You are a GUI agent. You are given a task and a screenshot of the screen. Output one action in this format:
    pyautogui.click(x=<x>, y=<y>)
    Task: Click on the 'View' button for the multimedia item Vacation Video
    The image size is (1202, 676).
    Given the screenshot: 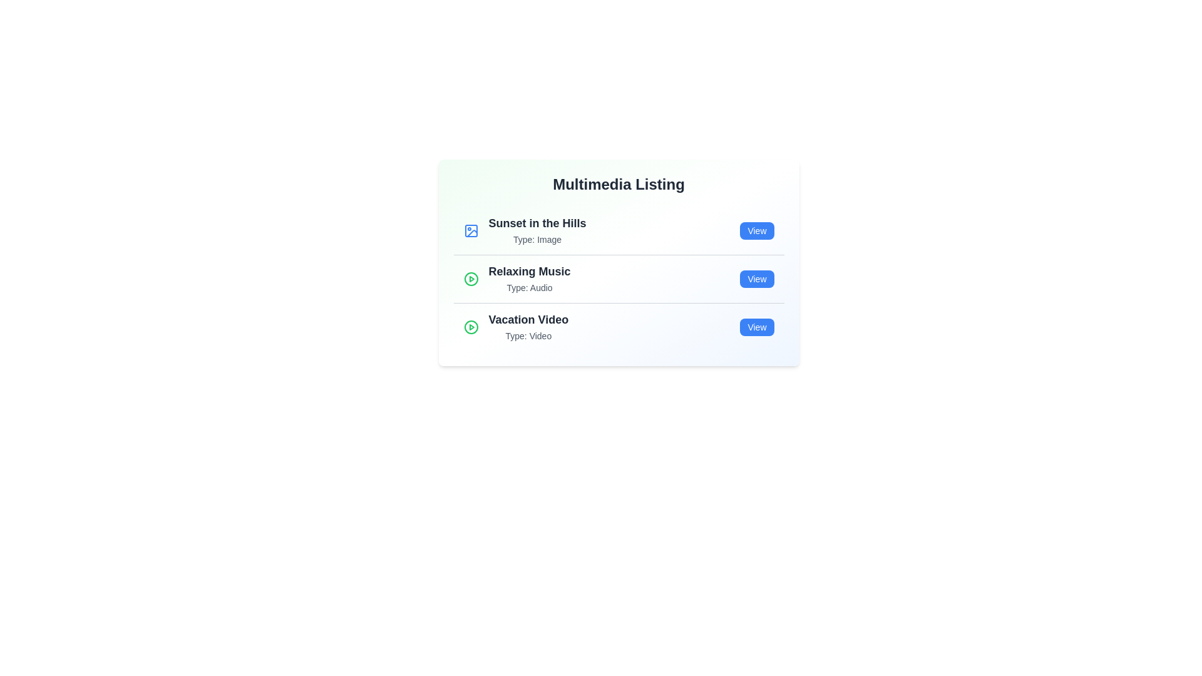 What is the action you would take?
    pyautogui.click(x=756, y=327)
    